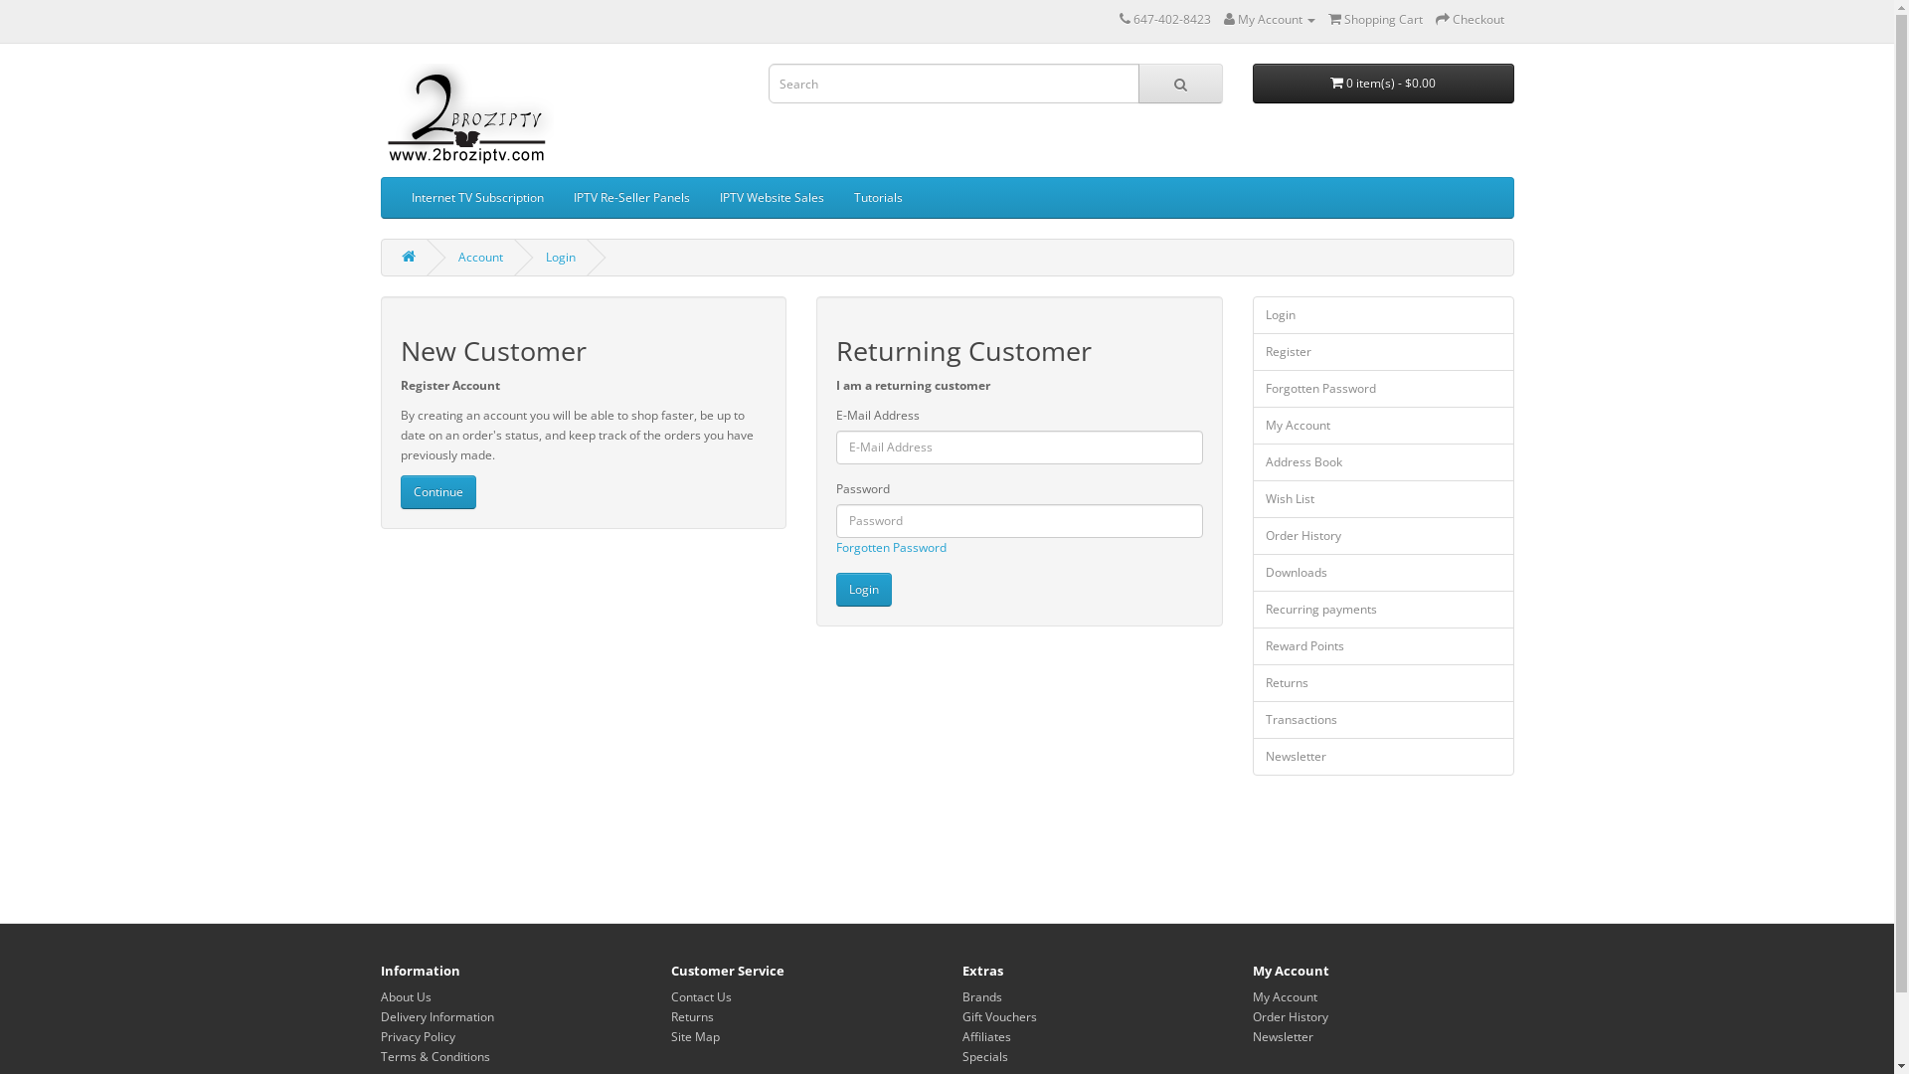  Describe the element at coordinates (630, 198) in the screenshot. I see `'IPTV Re-Seller Panels'` at that location.